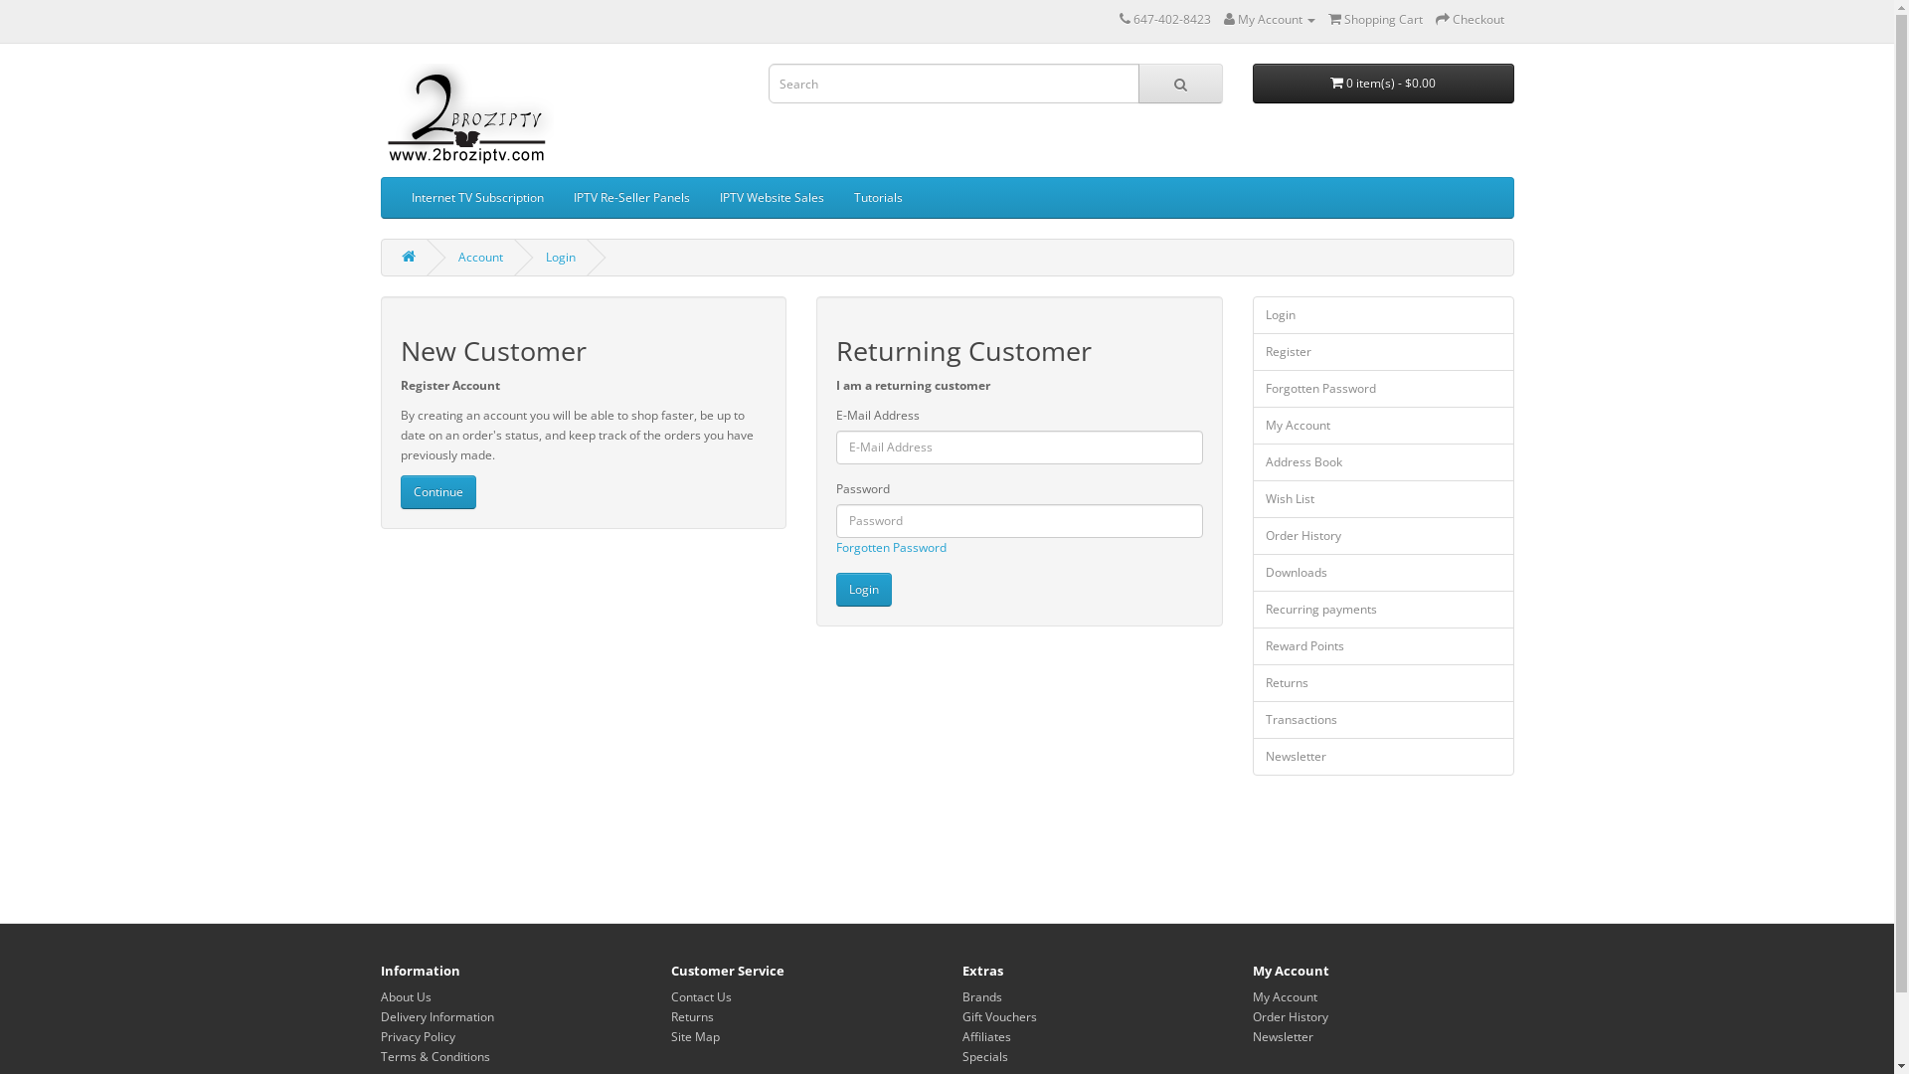  Describe the element at coordinates (630, 198) in the screenshot. I see `'IPTV Re-Seller Panels'` at that location.